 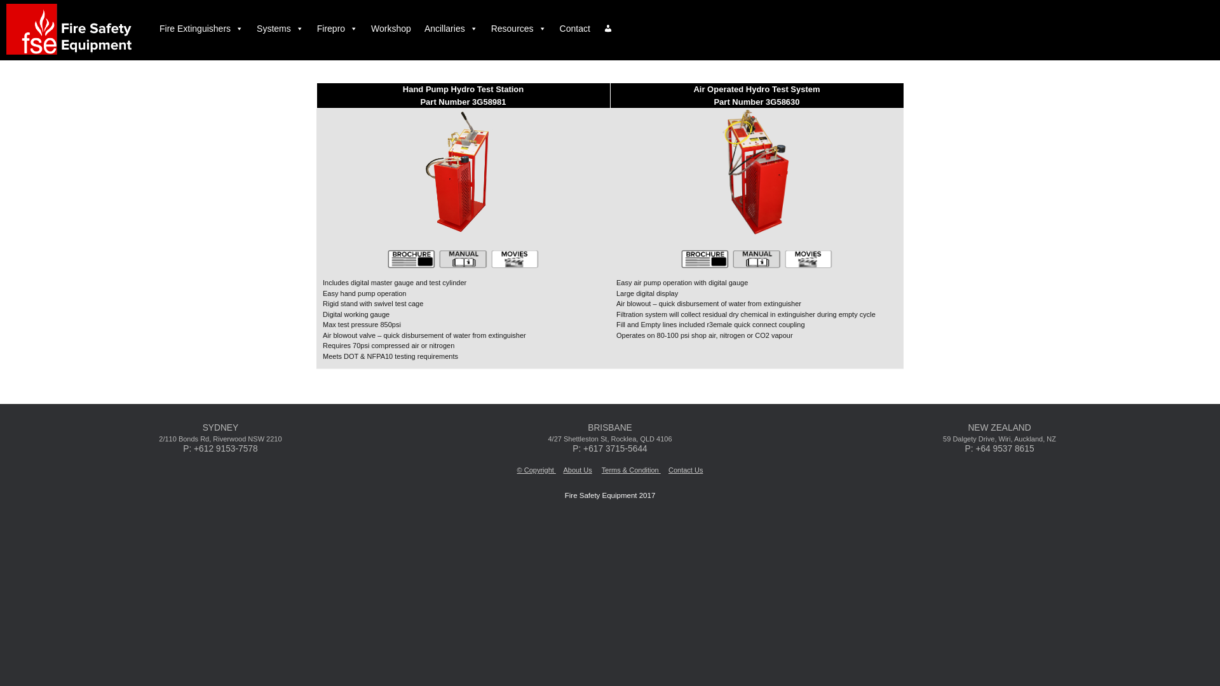 I want to click on 'Contact', so click(x=574, y=29).